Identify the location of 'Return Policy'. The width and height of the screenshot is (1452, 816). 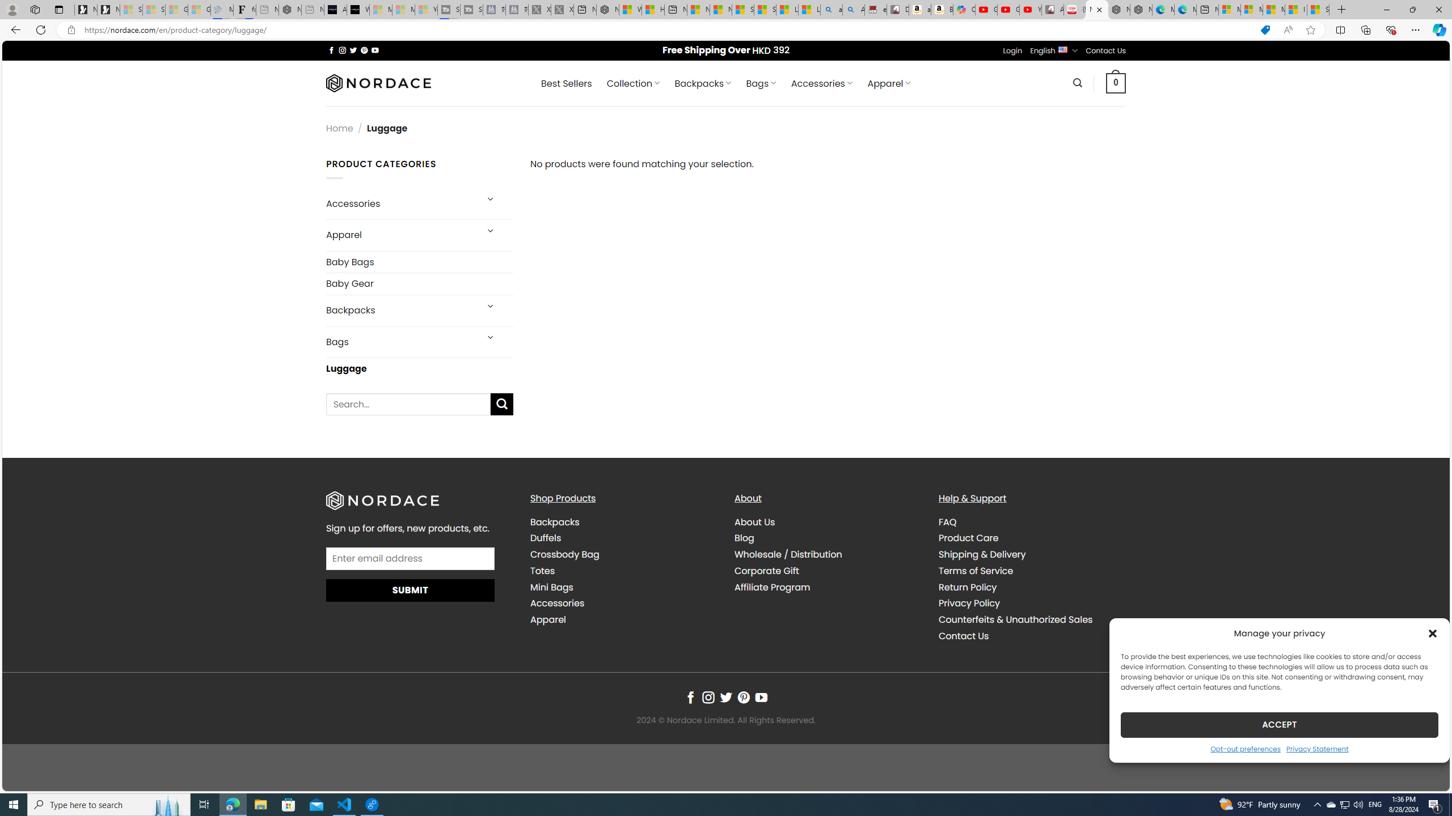
(967, 586).